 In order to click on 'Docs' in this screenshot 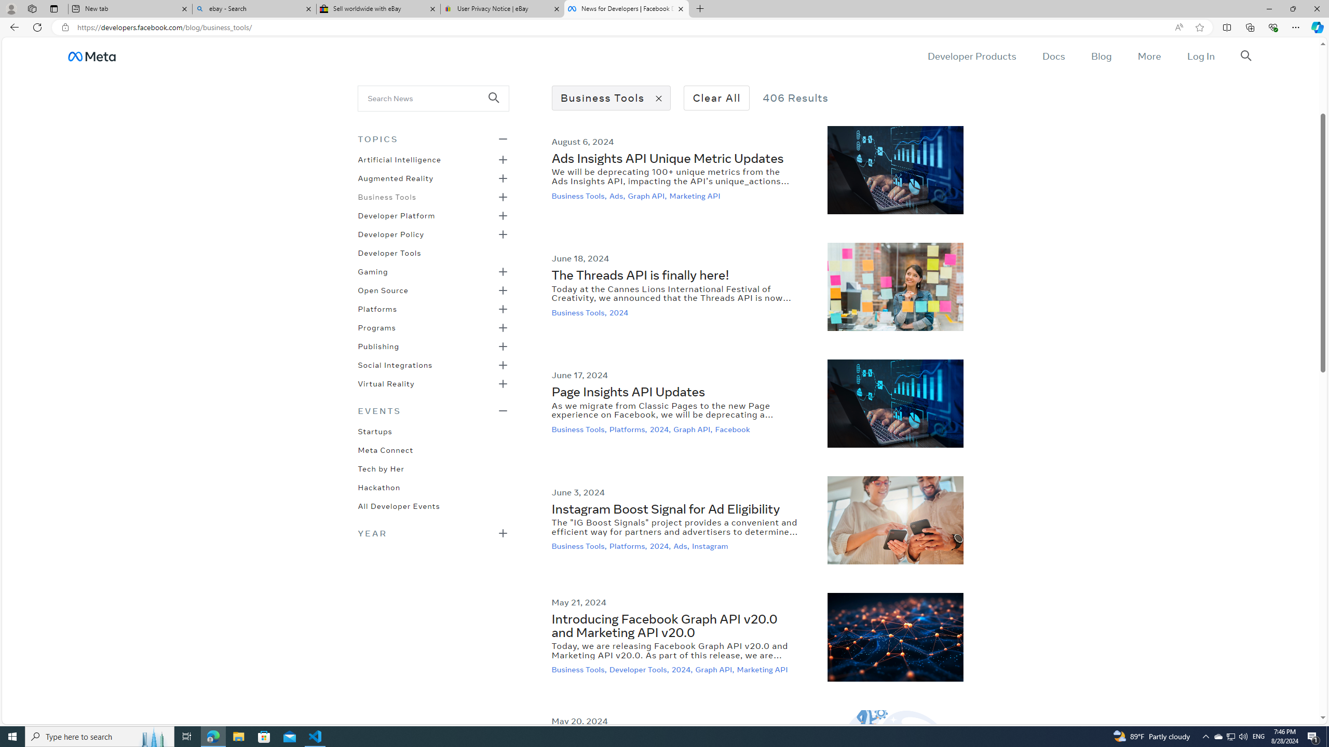, I will do `click(1052, 56)`.